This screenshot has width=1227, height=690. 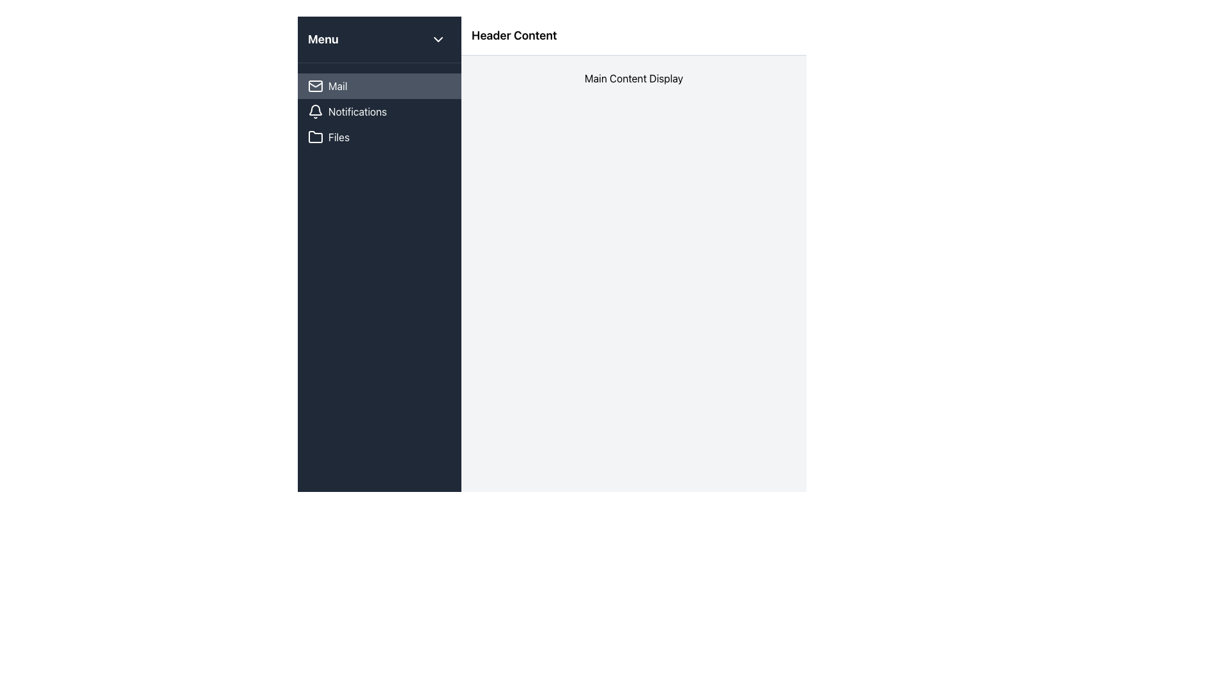 What do you see at coordinates (316, 111) in the screenshot?
I see `the bell icon` at bounding box center [316, 111].